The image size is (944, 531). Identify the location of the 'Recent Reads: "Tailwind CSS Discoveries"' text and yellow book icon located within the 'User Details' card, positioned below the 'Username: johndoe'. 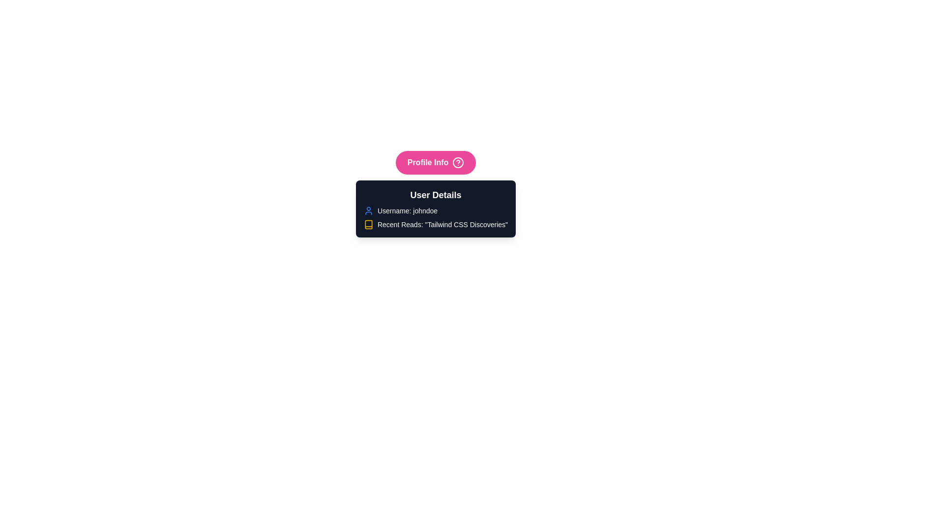
(435, 224).